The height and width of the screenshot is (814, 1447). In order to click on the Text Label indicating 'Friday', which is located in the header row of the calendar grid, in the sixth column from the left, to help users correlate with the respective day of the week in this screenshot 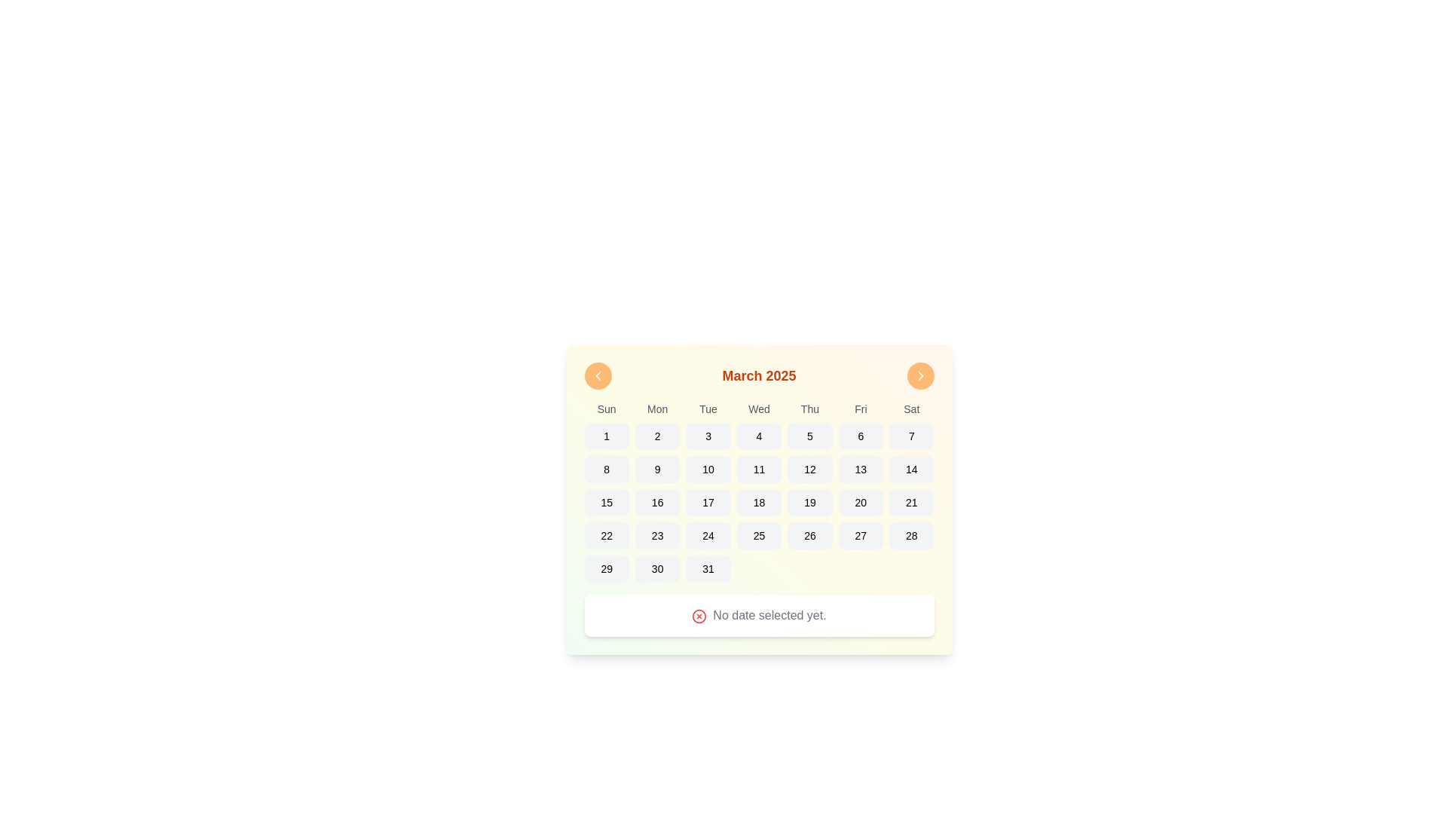, I will do `click(861, 409)`.